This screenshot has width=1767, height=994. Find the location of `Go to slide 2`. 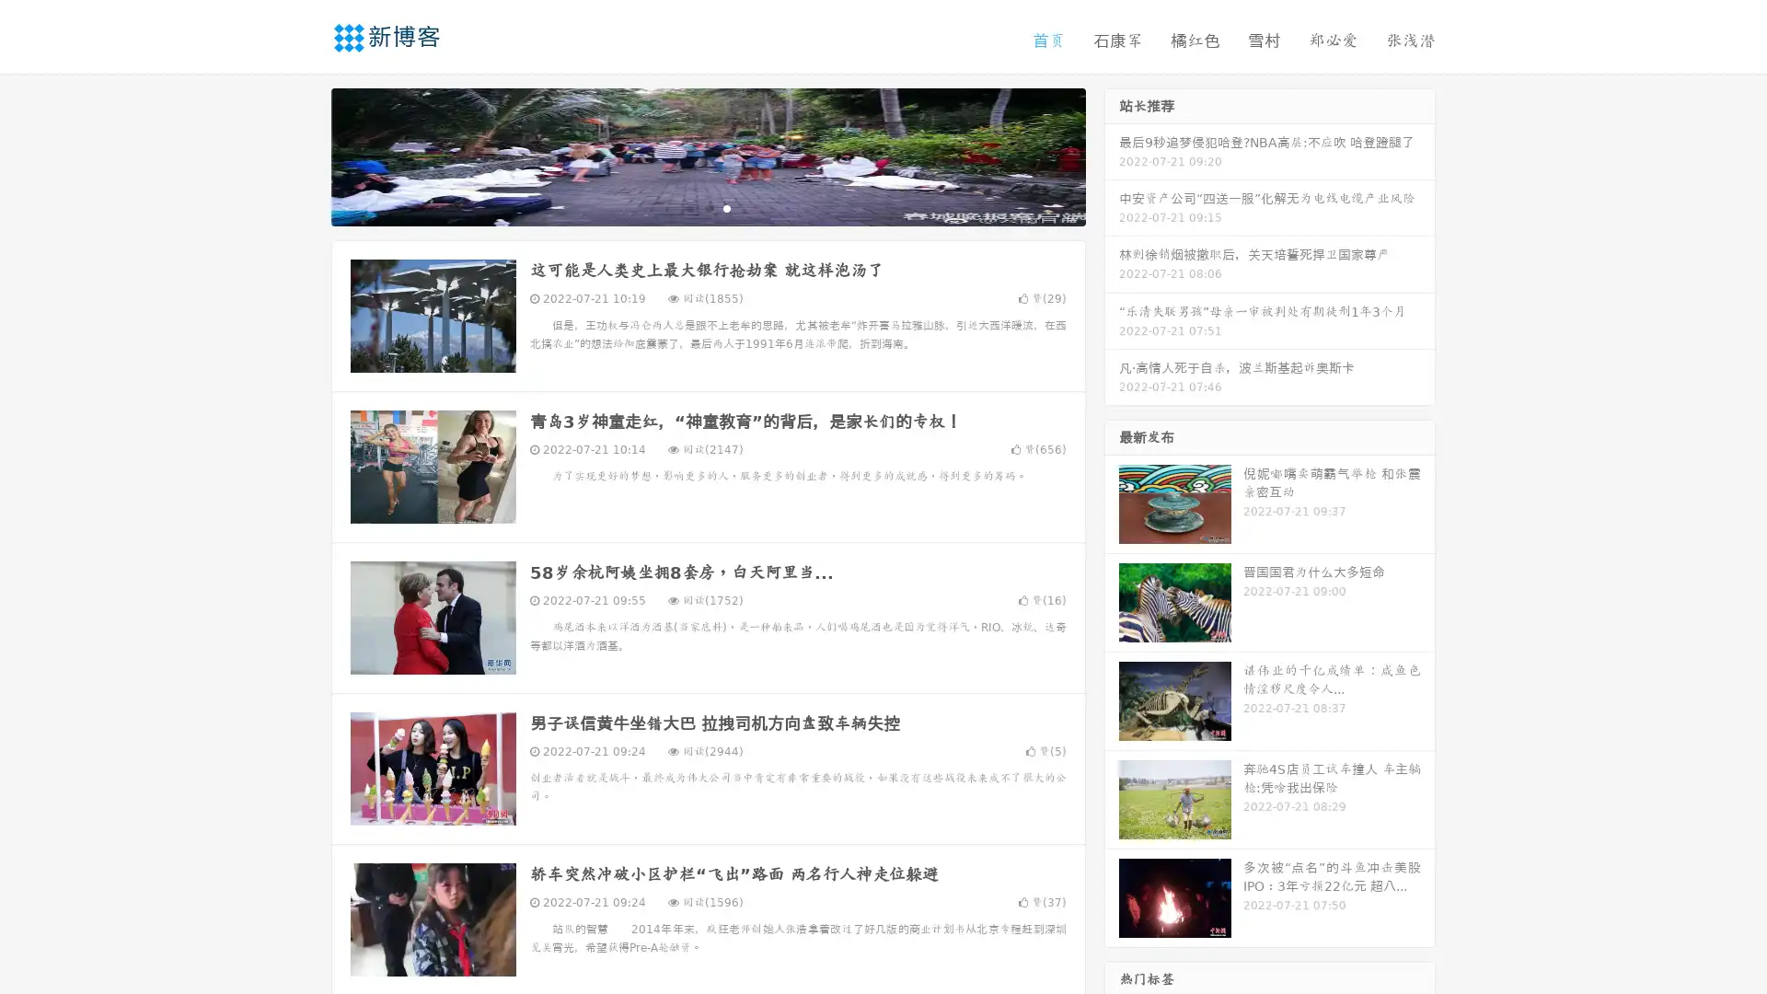

Go to slide 2 is located at coordinates (707, 207).